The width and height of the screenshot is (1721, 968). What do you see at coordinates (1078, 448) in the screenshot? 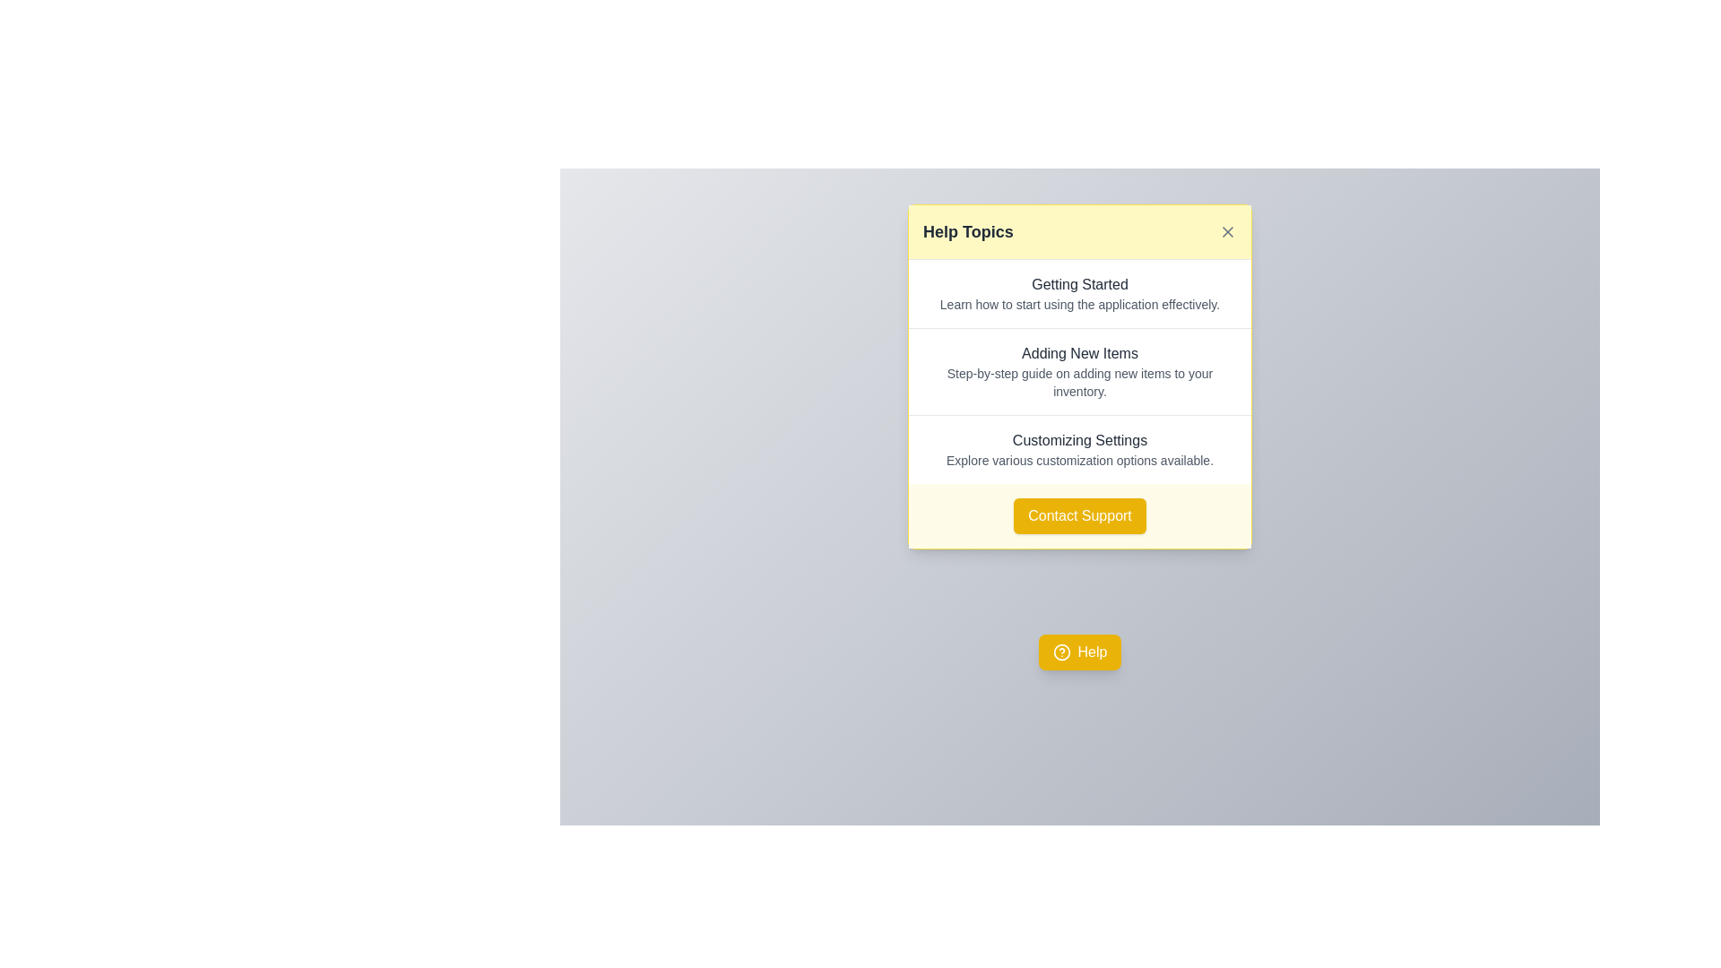
I see `the third item in the 'Help Topics' panel, which provides information about 'Customizing Settings.'` at bounding box center [1078, 448].